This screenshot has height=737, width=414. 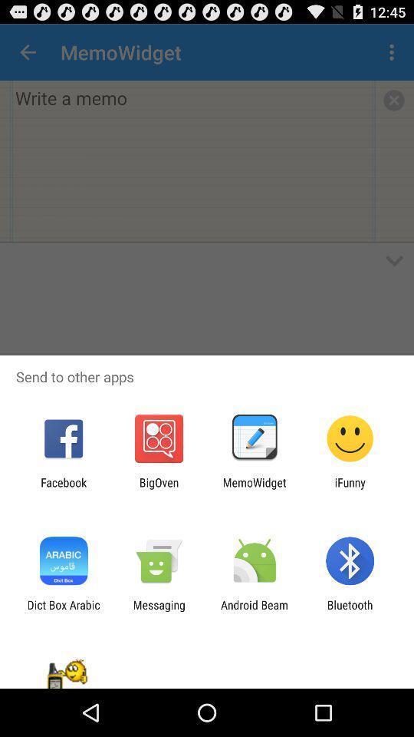 What do you see at coordinates (63, 611) in the screenshot?
I see `icon to the left of the messaging` at bounding box center [63, 611].